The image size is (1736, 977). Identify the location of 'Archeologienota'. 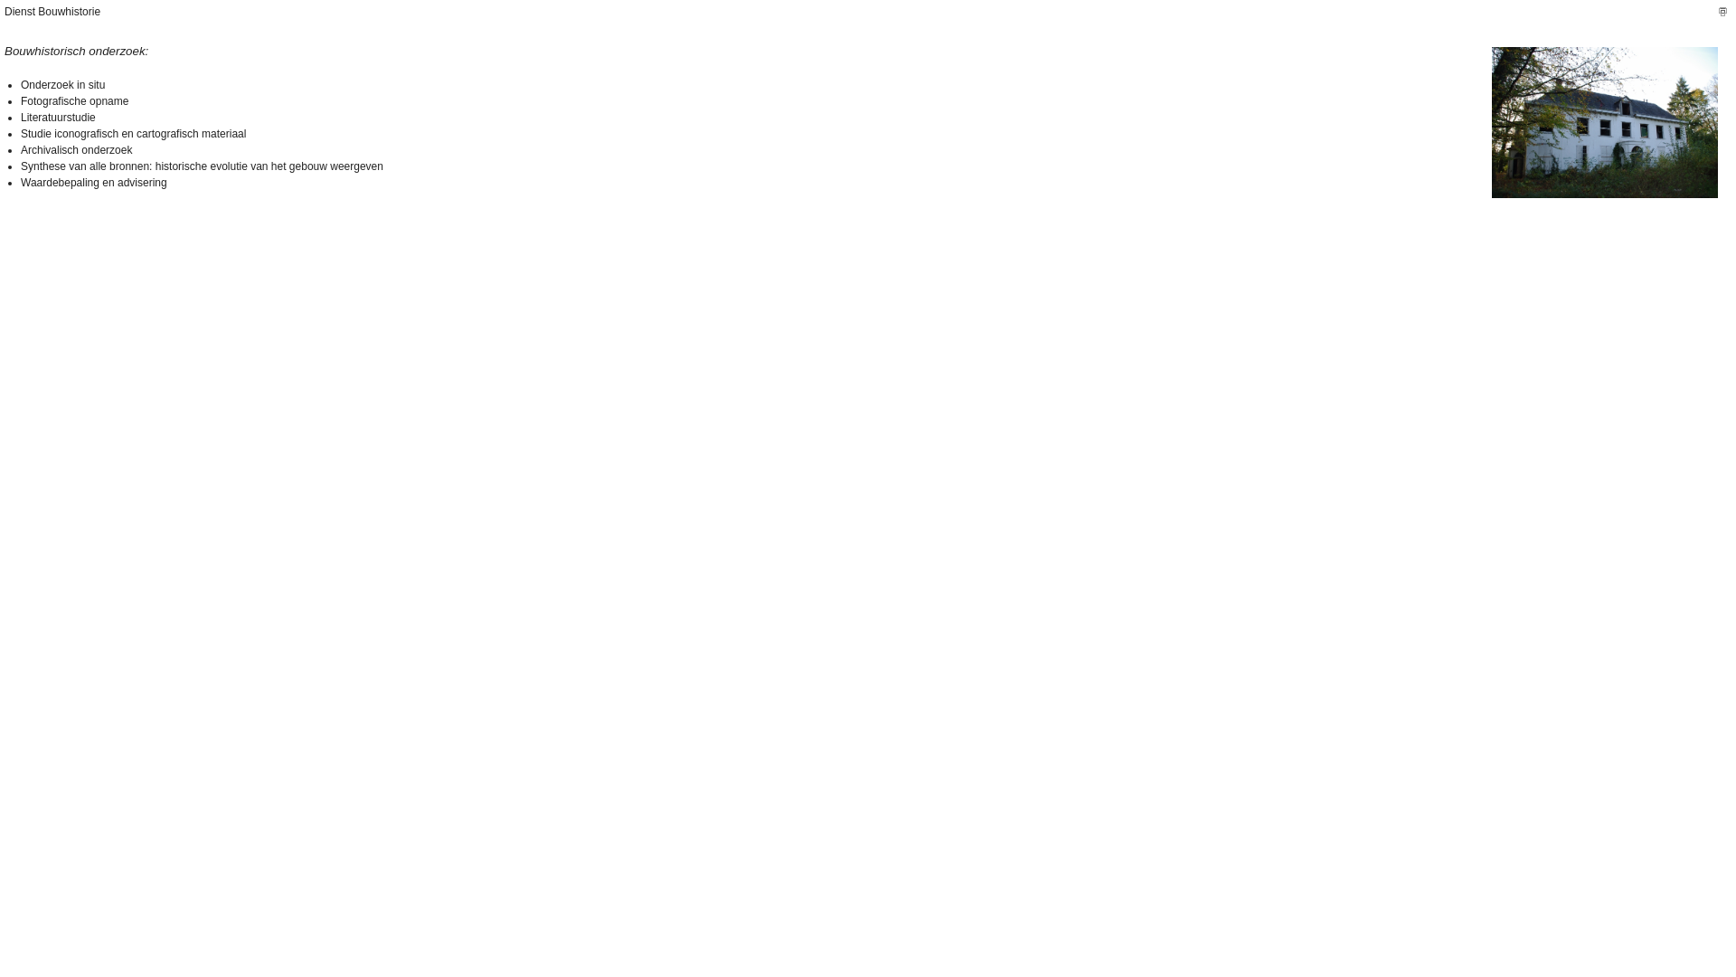
(1605, 122).